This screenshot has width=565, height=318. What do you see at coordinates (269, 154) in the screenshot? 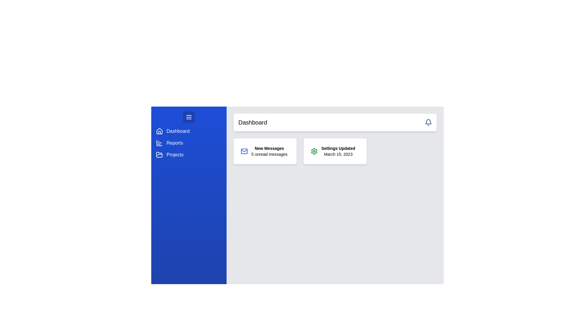
I see `text label indicating the number of unread messages, which displays '5 unread messages' below 'New Messages' in the notification card on the left side of the dashboard` at bounding box center [269, 154].